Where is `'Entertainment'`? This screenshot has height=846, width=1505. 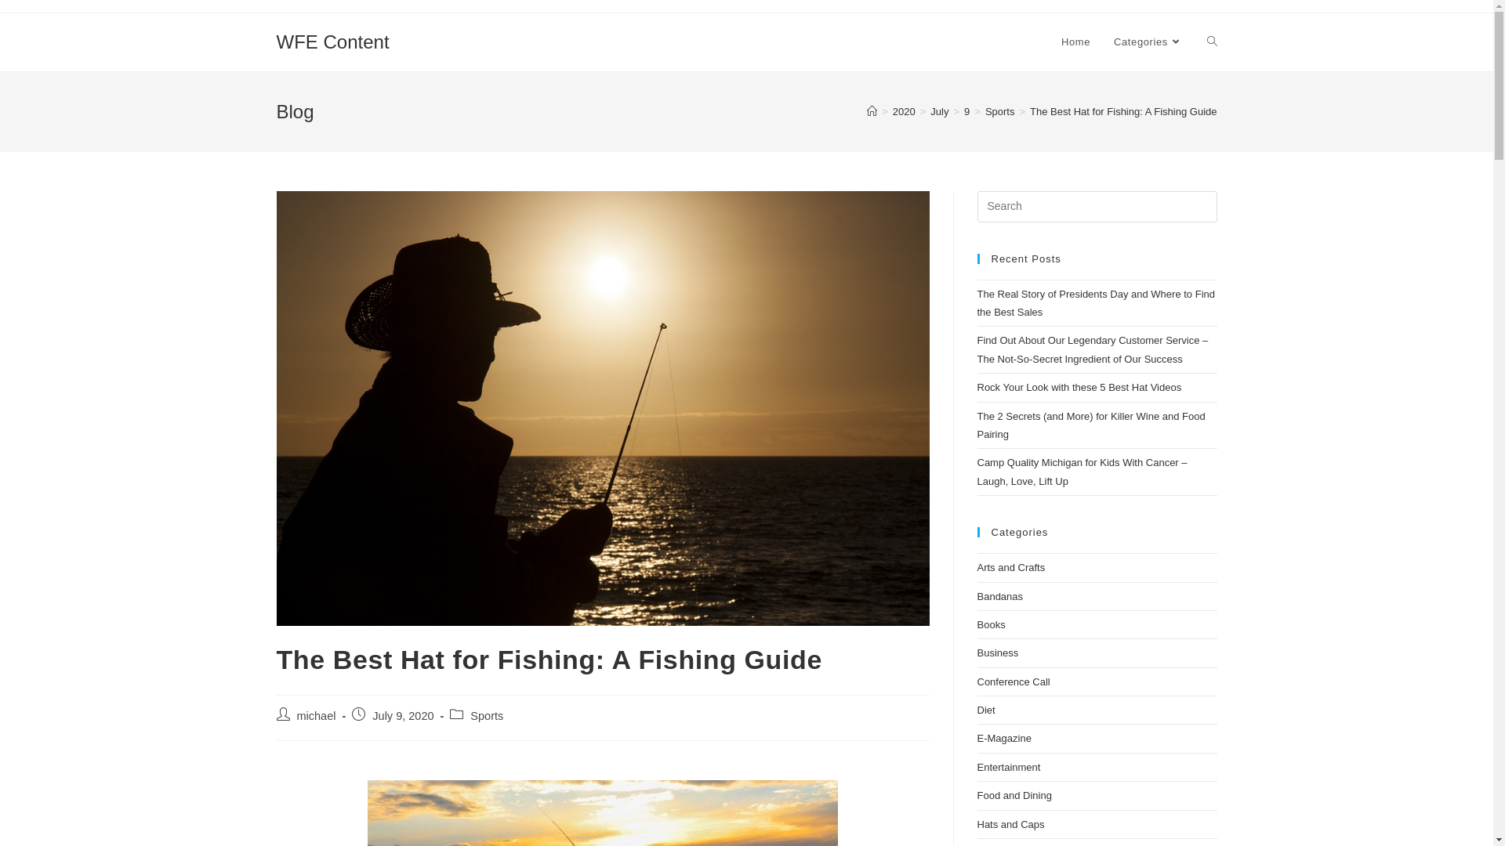
'Entertainment' is located at coordinates (1008, 766).